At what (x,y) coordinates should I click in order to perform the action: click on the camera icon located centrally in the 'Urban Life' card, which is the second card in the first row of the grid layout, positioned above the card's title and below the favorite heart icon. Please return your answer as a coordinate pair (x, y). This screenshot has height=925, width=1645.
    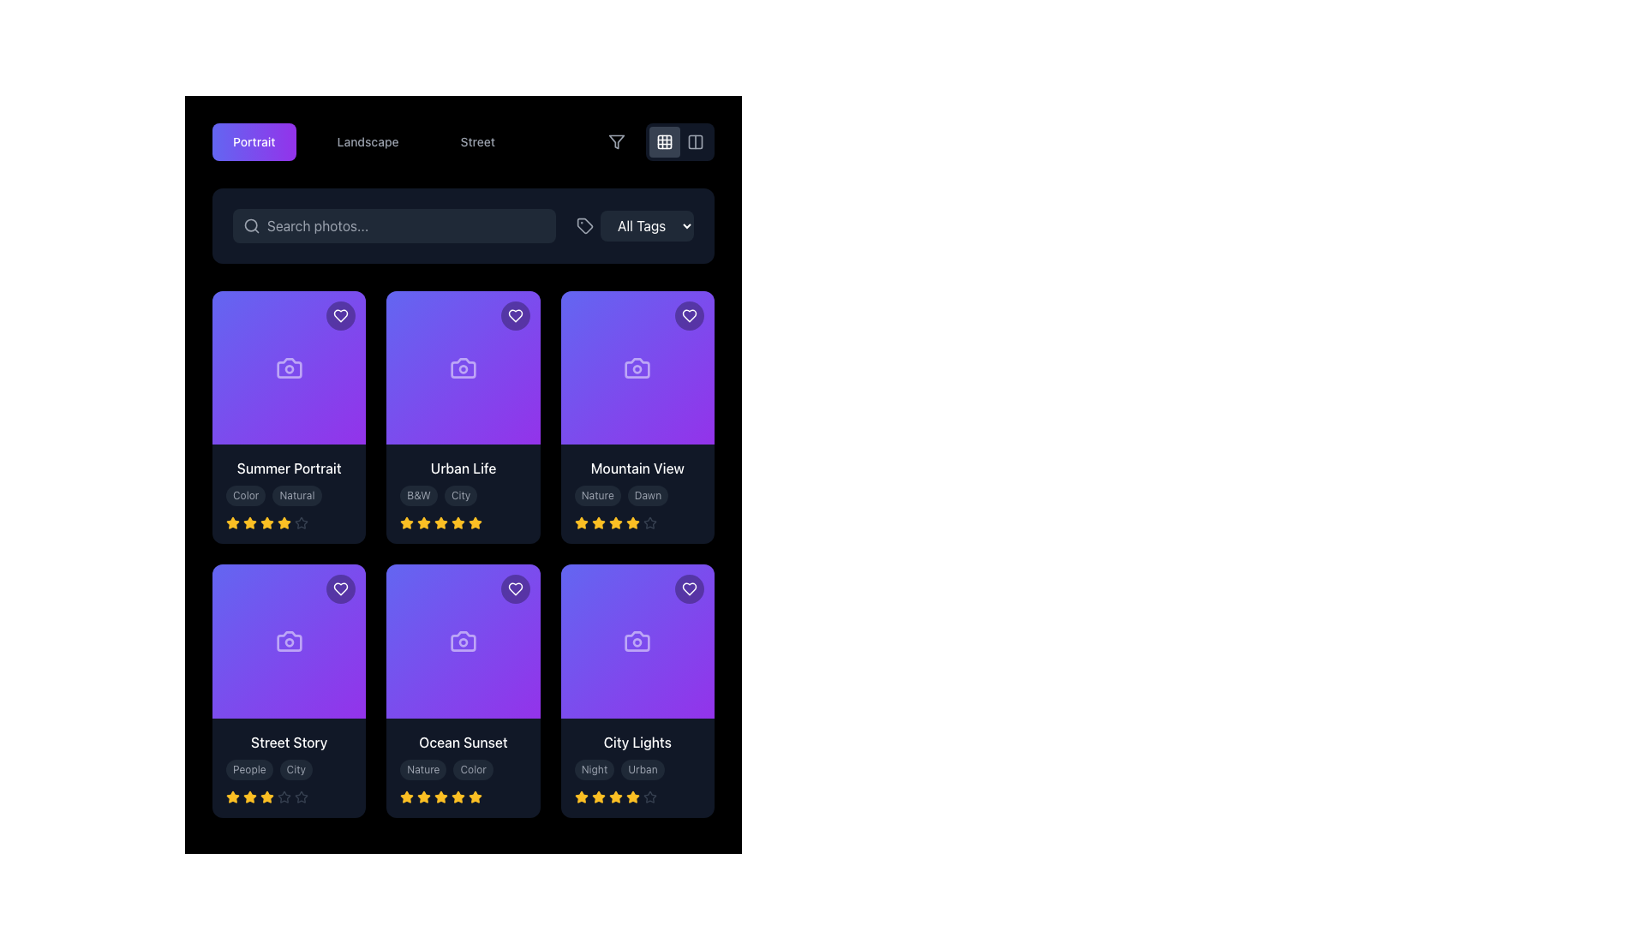
    Looking at the image, I should click on (464, 367).